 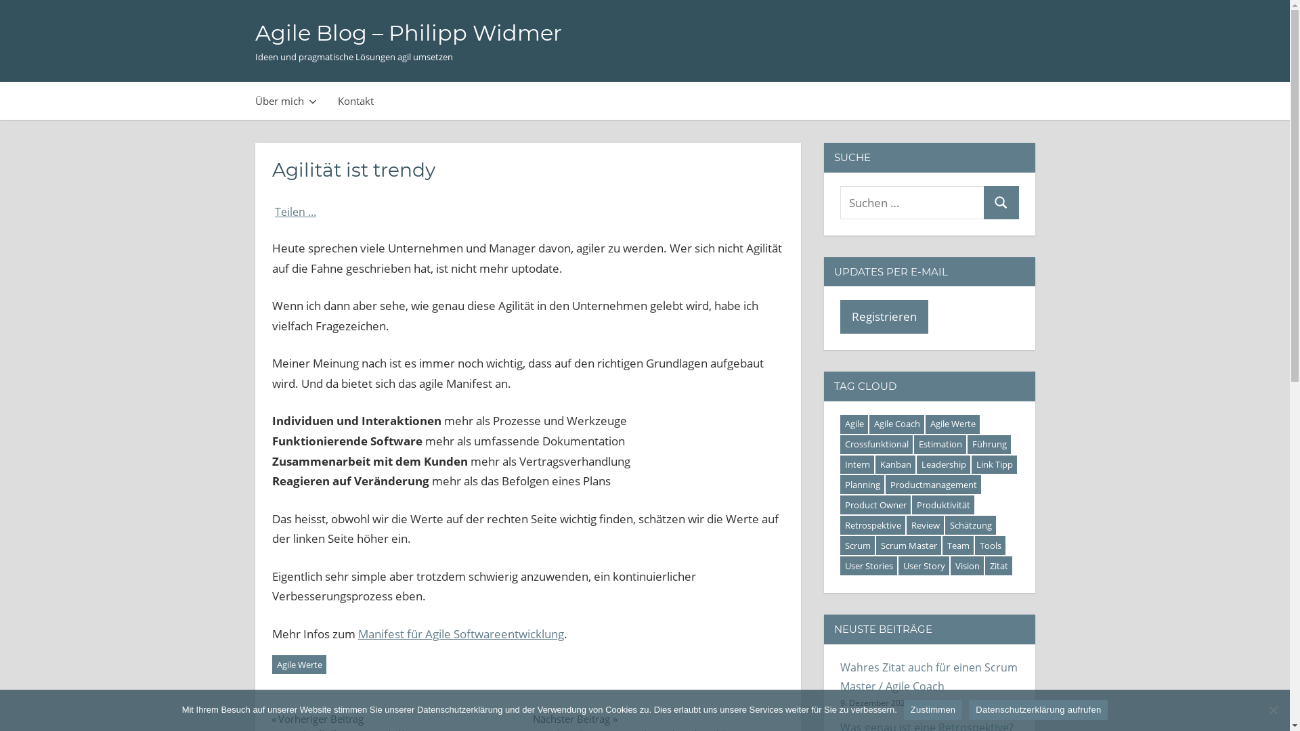 What do you see at coordinates (861, 484) in the screenshot?
I see `'Planning'` at bounding box center [861, 484].